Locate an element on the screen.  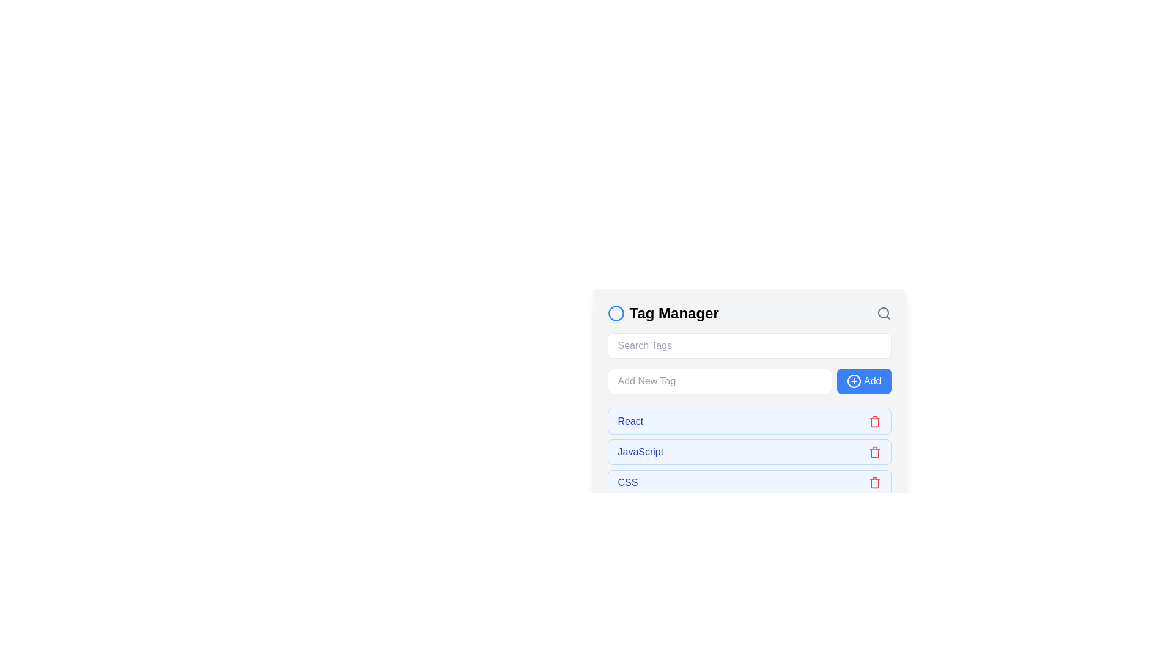
the button used to add a new item or tag, located to the right of the 'Add New Tag' input field, to observe the hover effect is located at coordinates (863, 381).